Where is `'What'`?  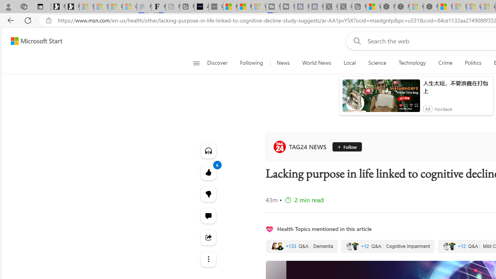 'What' is located at coordinates (215, 7).